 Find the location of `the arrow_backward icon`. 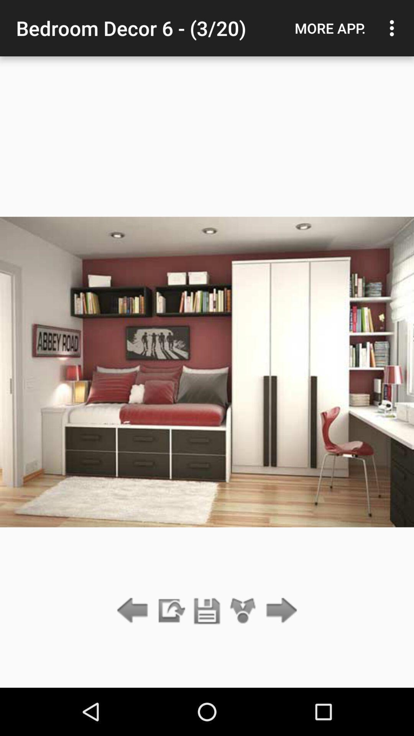

the arrow_backward icon is located at coordinates (134, 611).